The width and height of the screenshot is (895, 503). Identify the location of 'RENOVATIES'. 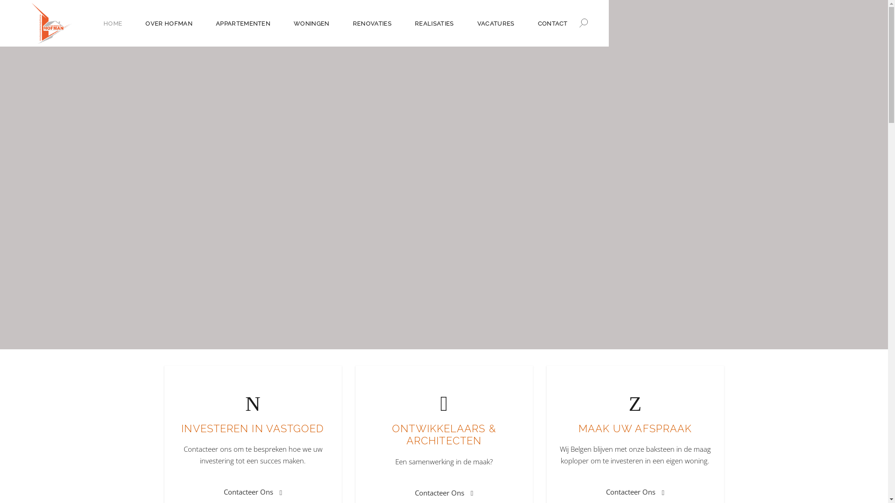
(340, 22).